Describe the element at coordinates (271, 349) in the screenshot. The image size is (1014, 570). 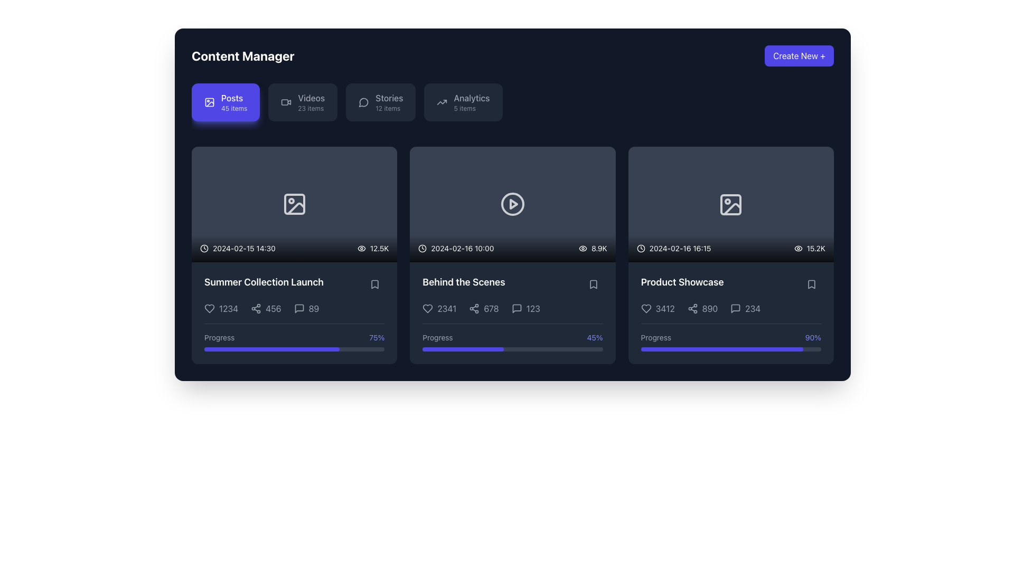
I see `the progress bar indicating 75% completion for the 'Summer Collection Launch' item, located underneath its card in the first column of the grid` at that location.